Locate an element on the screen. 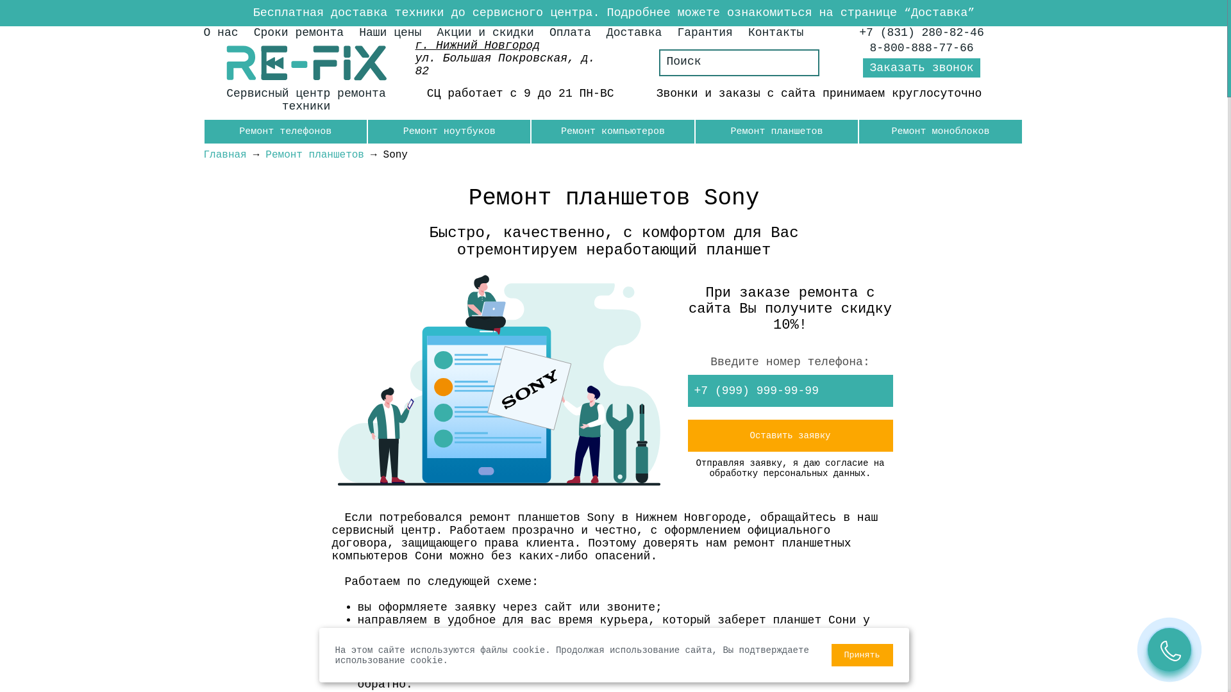 The image size is (1231, 692). '+7 (831) 280-82-46' is located at coordinates (858, 31).